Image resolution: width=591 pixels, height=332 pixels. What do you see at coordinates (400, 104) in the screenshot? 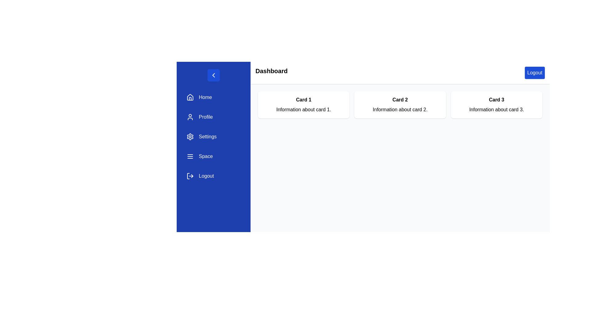
I see `information displayed within the Information card that is the second card in a grid layout, positioned below the 'Dashboard' title and next to the left-side navigation menu` at bounding box center [400, 104].